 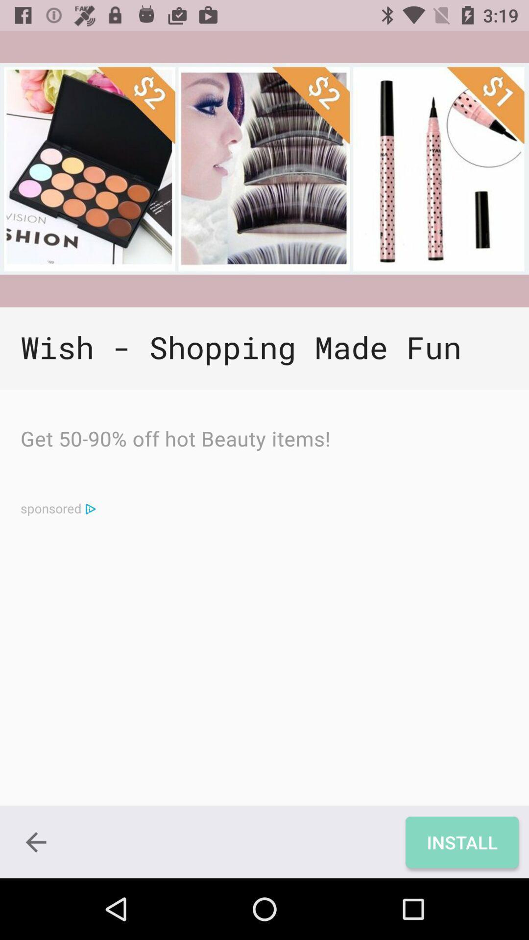 I want to click on icon below the sponsored icon, so click(x=35, y=842).